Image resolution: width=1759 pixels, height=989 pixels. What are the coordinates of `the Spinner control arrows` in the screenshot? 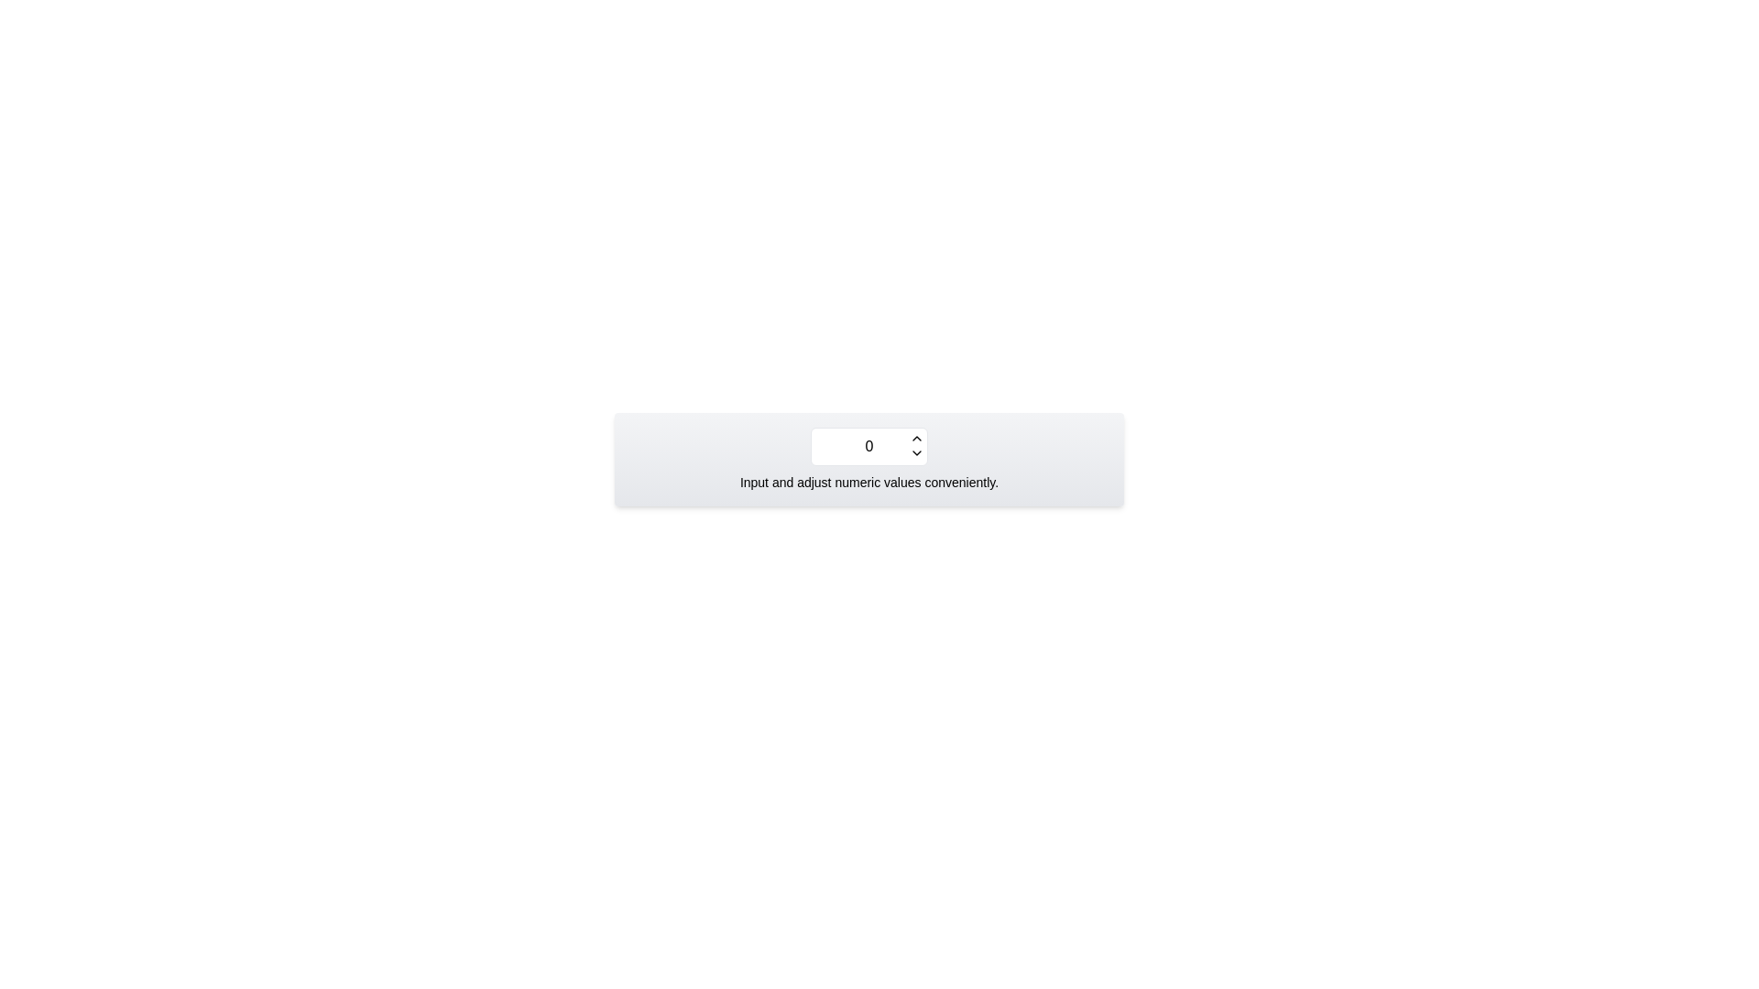 It's located at (917, 445).